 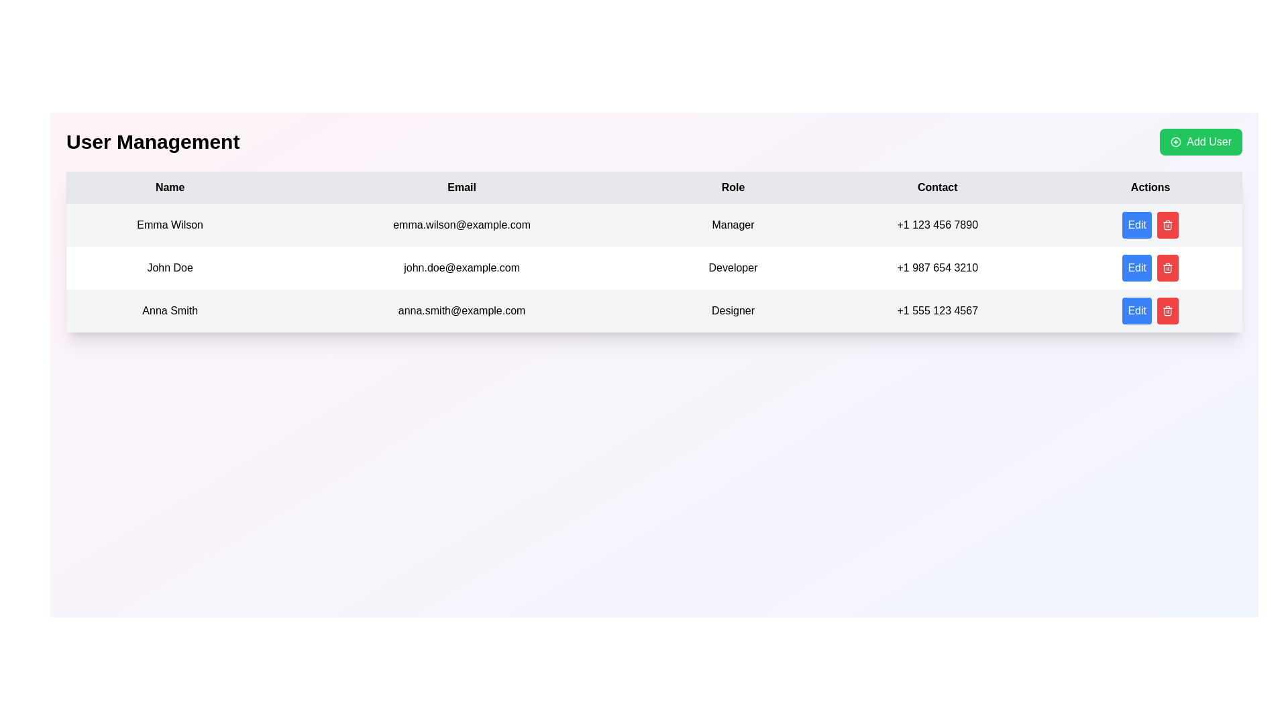 I want to click on the blue 'Edit' button with rounded corners in the Actions column of the second row to observe style changes, so click(x=1136, y=224).